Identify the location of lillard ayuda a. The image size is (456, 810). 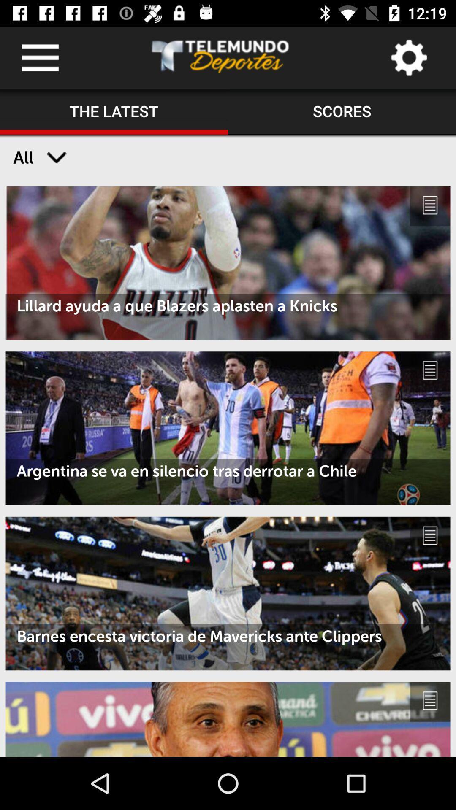
(228, 305).